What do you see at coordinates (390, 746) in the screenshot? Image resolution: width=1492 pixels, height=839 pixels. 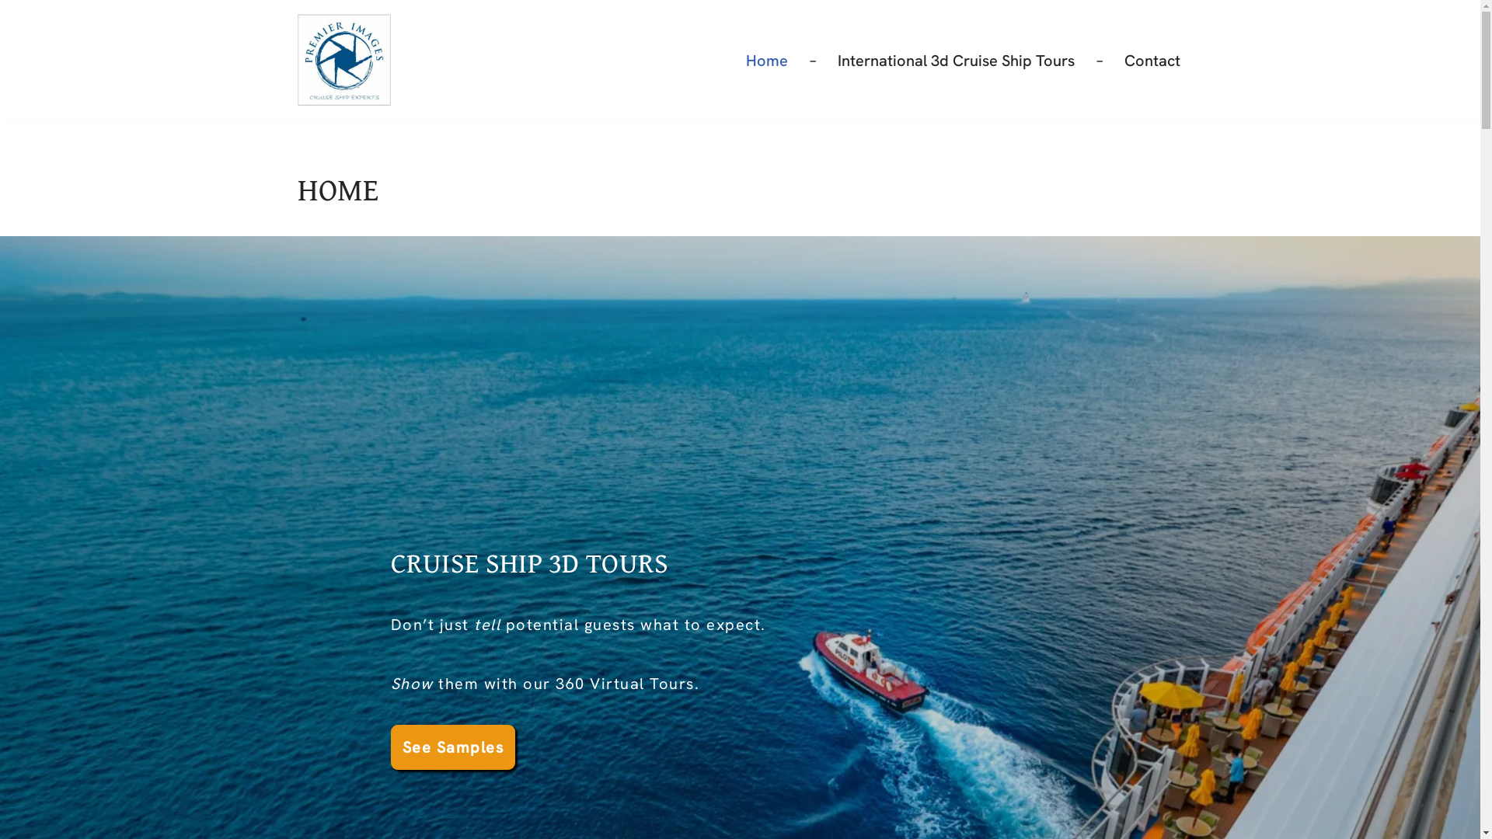 I see `'See Samples'` at bounding box center [390, 746].